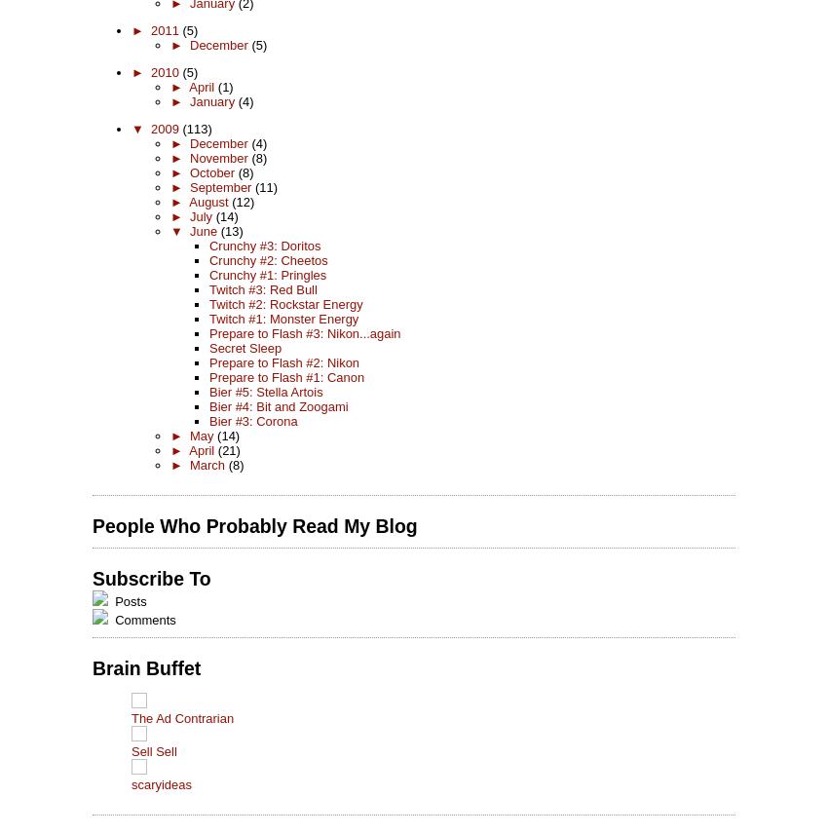 The width and height of the screenshot is (828, 835). What do you see at coordinates (245, 346) in the screenshot?
I see `'Secret Sleep'` at bounding box center [245, 346].